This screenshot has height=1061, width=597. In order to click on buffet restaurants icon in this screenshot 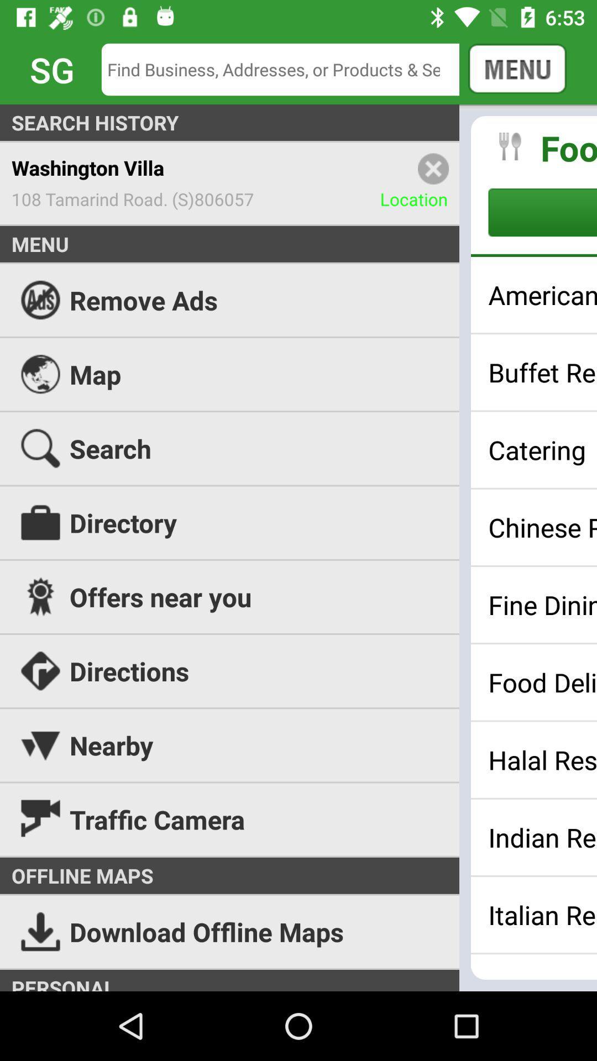, I will do `click(542, 372)`.